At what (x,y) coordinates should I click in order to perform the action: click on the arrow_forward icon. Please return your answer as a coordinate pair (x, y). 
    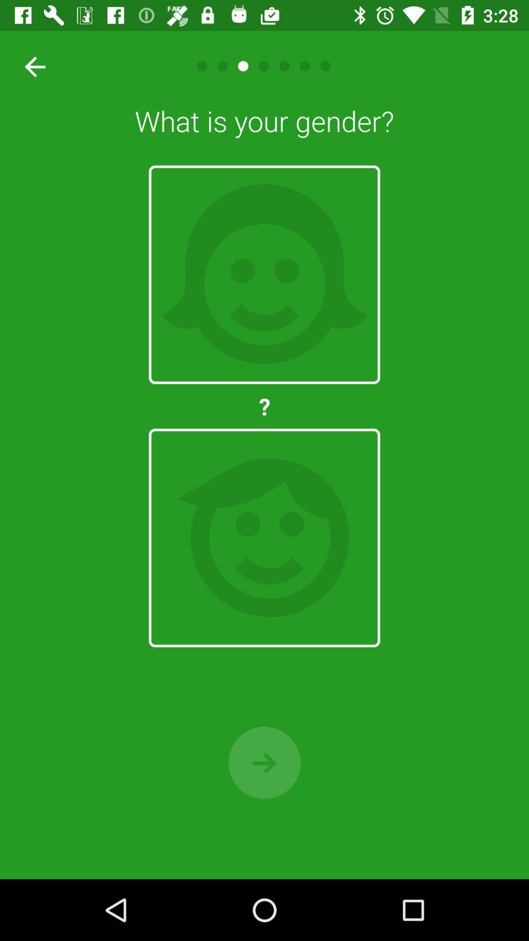
    Looking at the image, I should click on (264, 762).